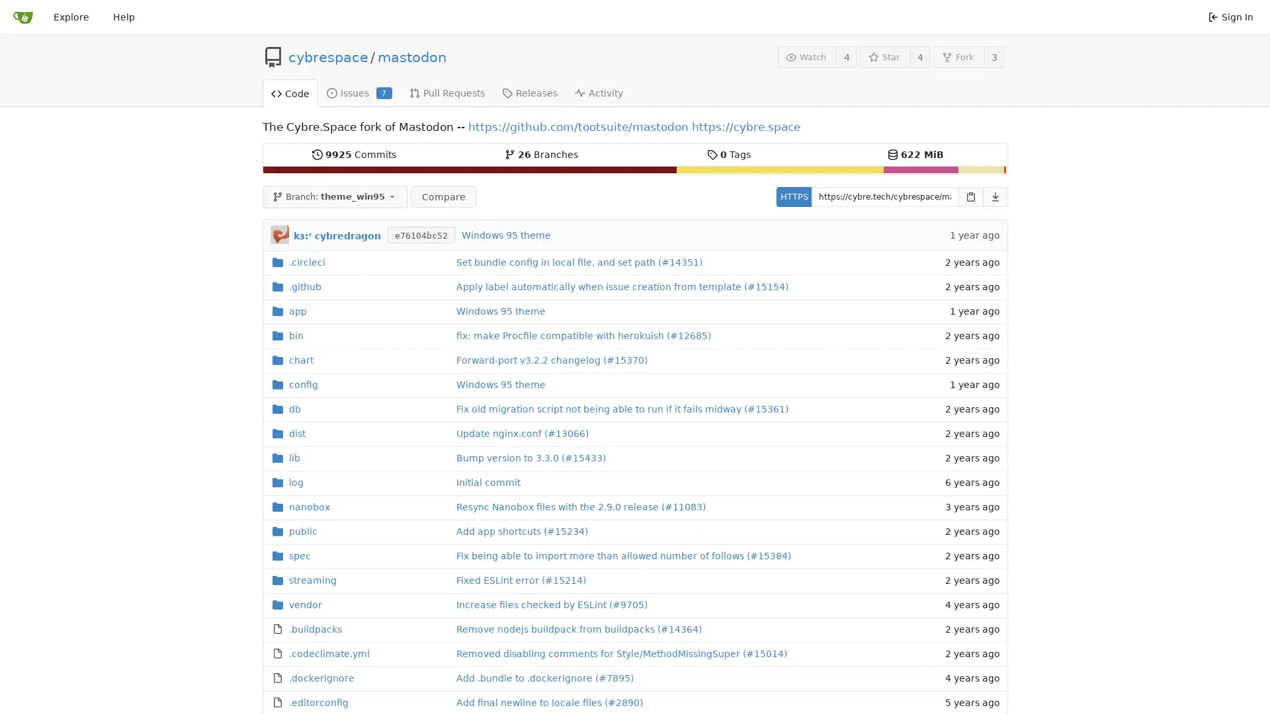 The width and height of the screenshot is (1270, 714). I want to click on Watch, so click(806, 56).